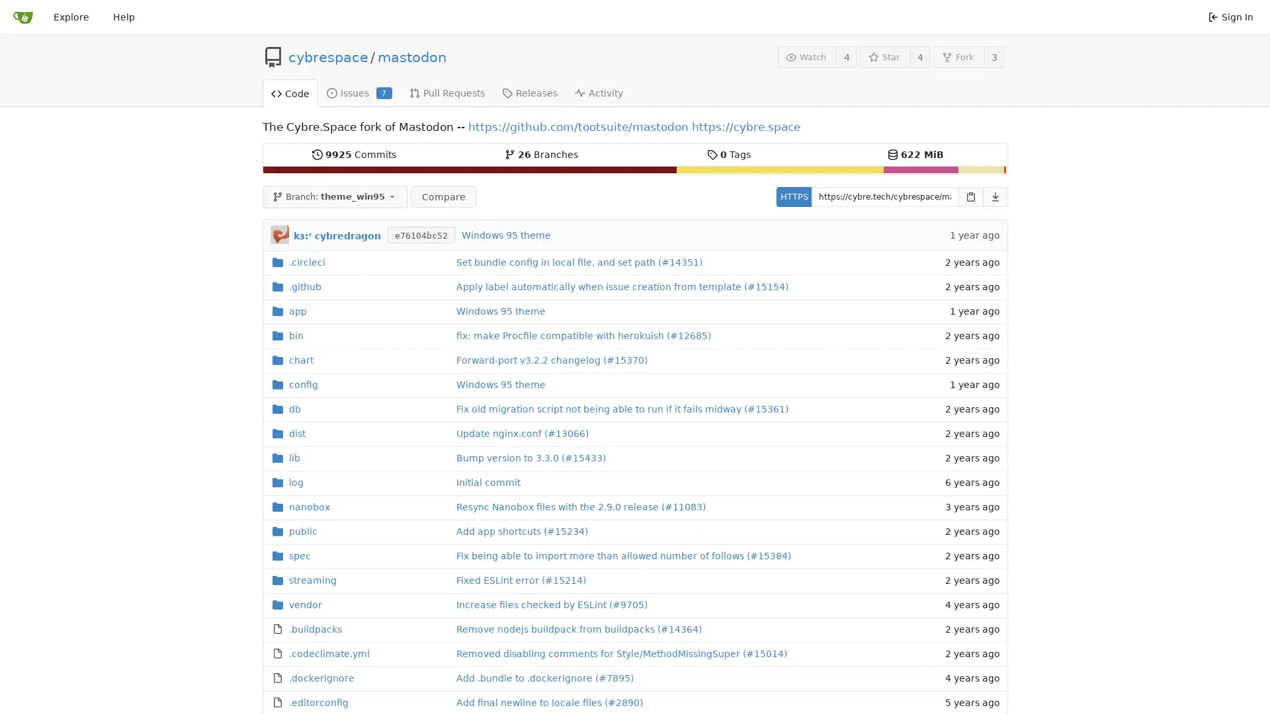 The width and height of the screenshot is (1270, 714). I want to click on Watch, so click(806, 56).